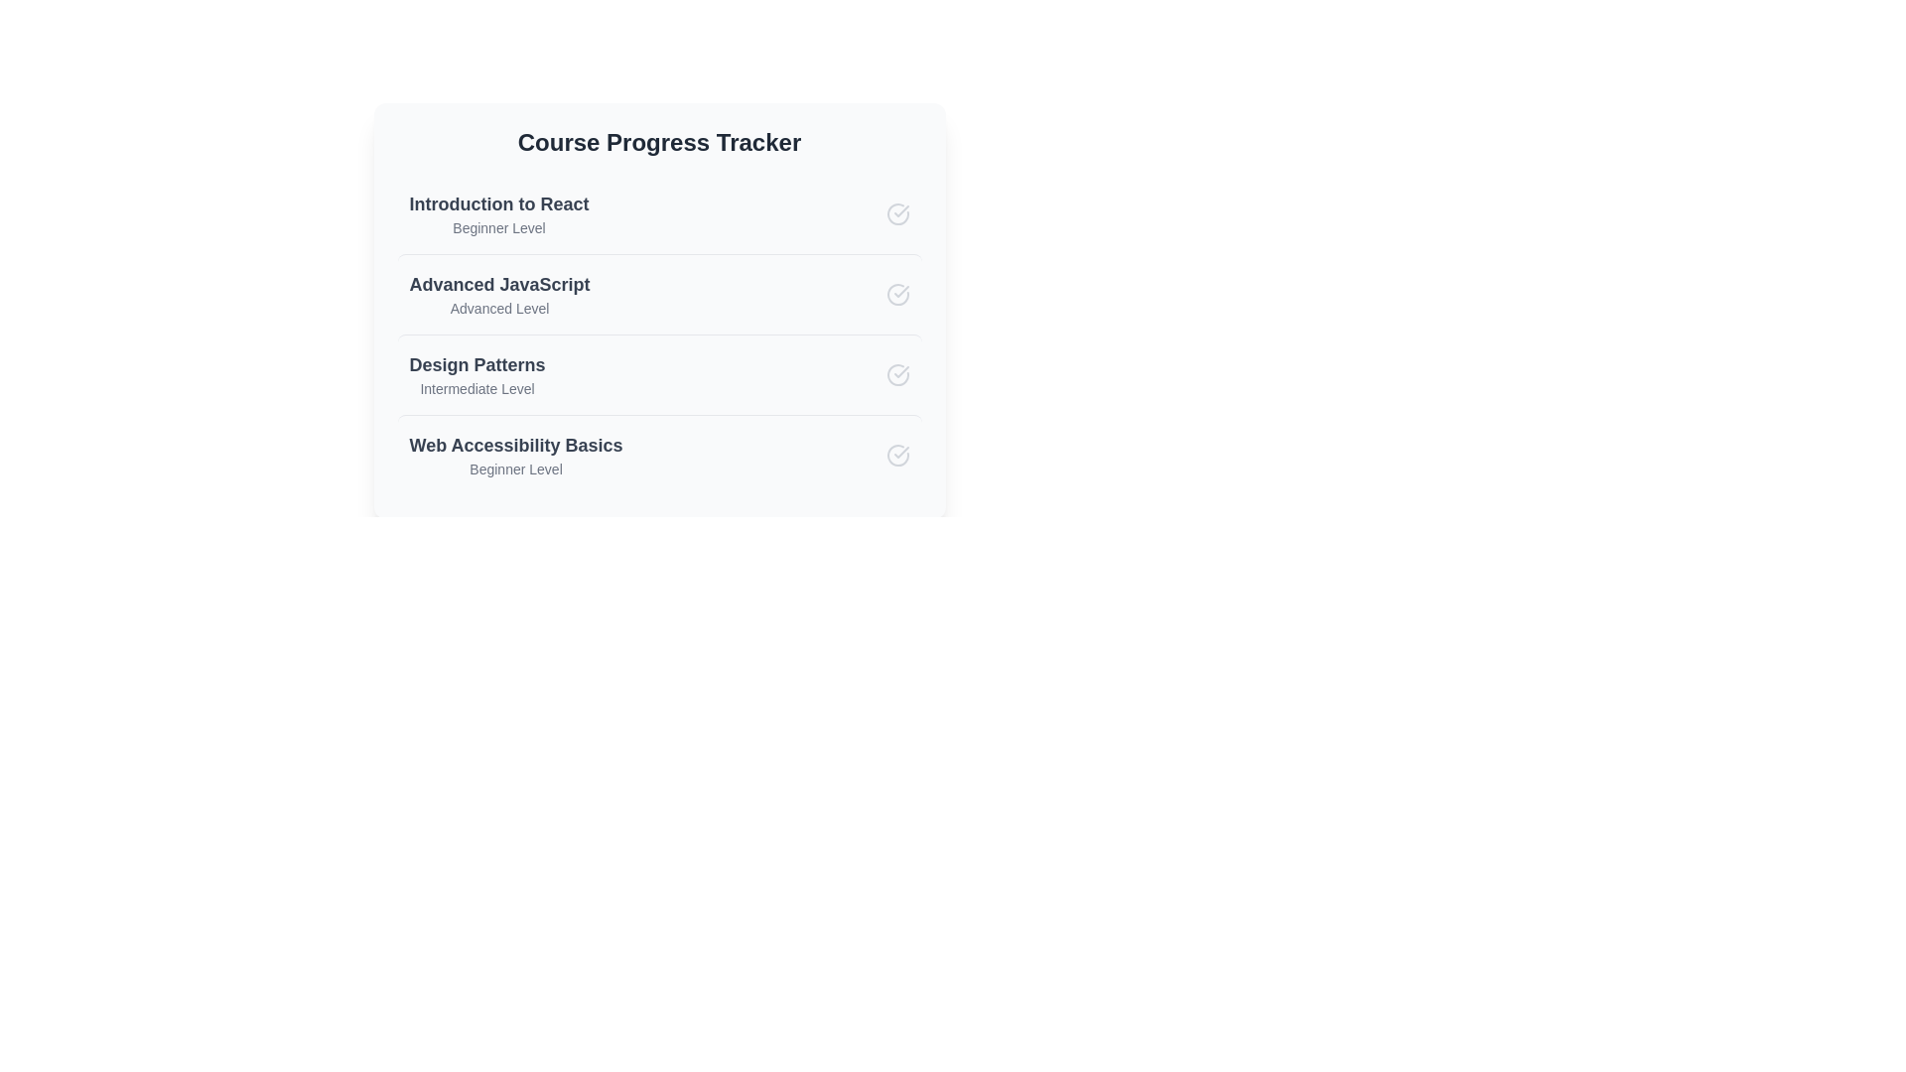  I want to click on text label that serves as a course title within the 'Course Progress Tracker' section, located at the bottom of the list item above the 'Beginner Level' text, so click(516, 444).